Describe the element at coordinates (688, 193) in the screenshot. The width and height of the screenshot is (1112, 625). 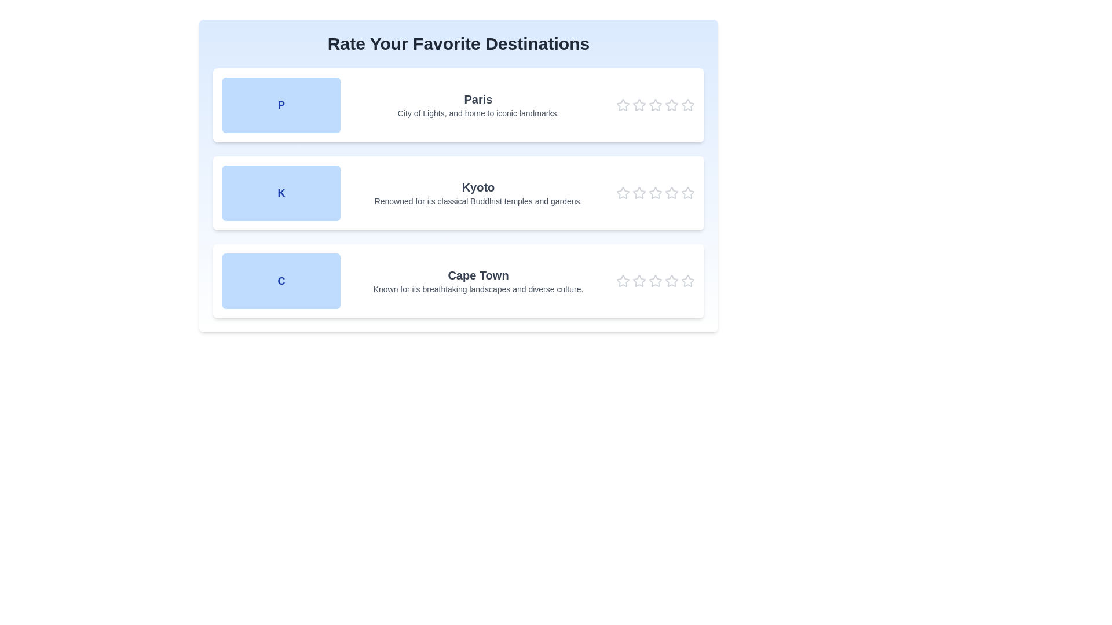
I see `the sixth star icon in the rating system for the card labeled 'Kyoto', which is located towards the right edge of the card` at that location.